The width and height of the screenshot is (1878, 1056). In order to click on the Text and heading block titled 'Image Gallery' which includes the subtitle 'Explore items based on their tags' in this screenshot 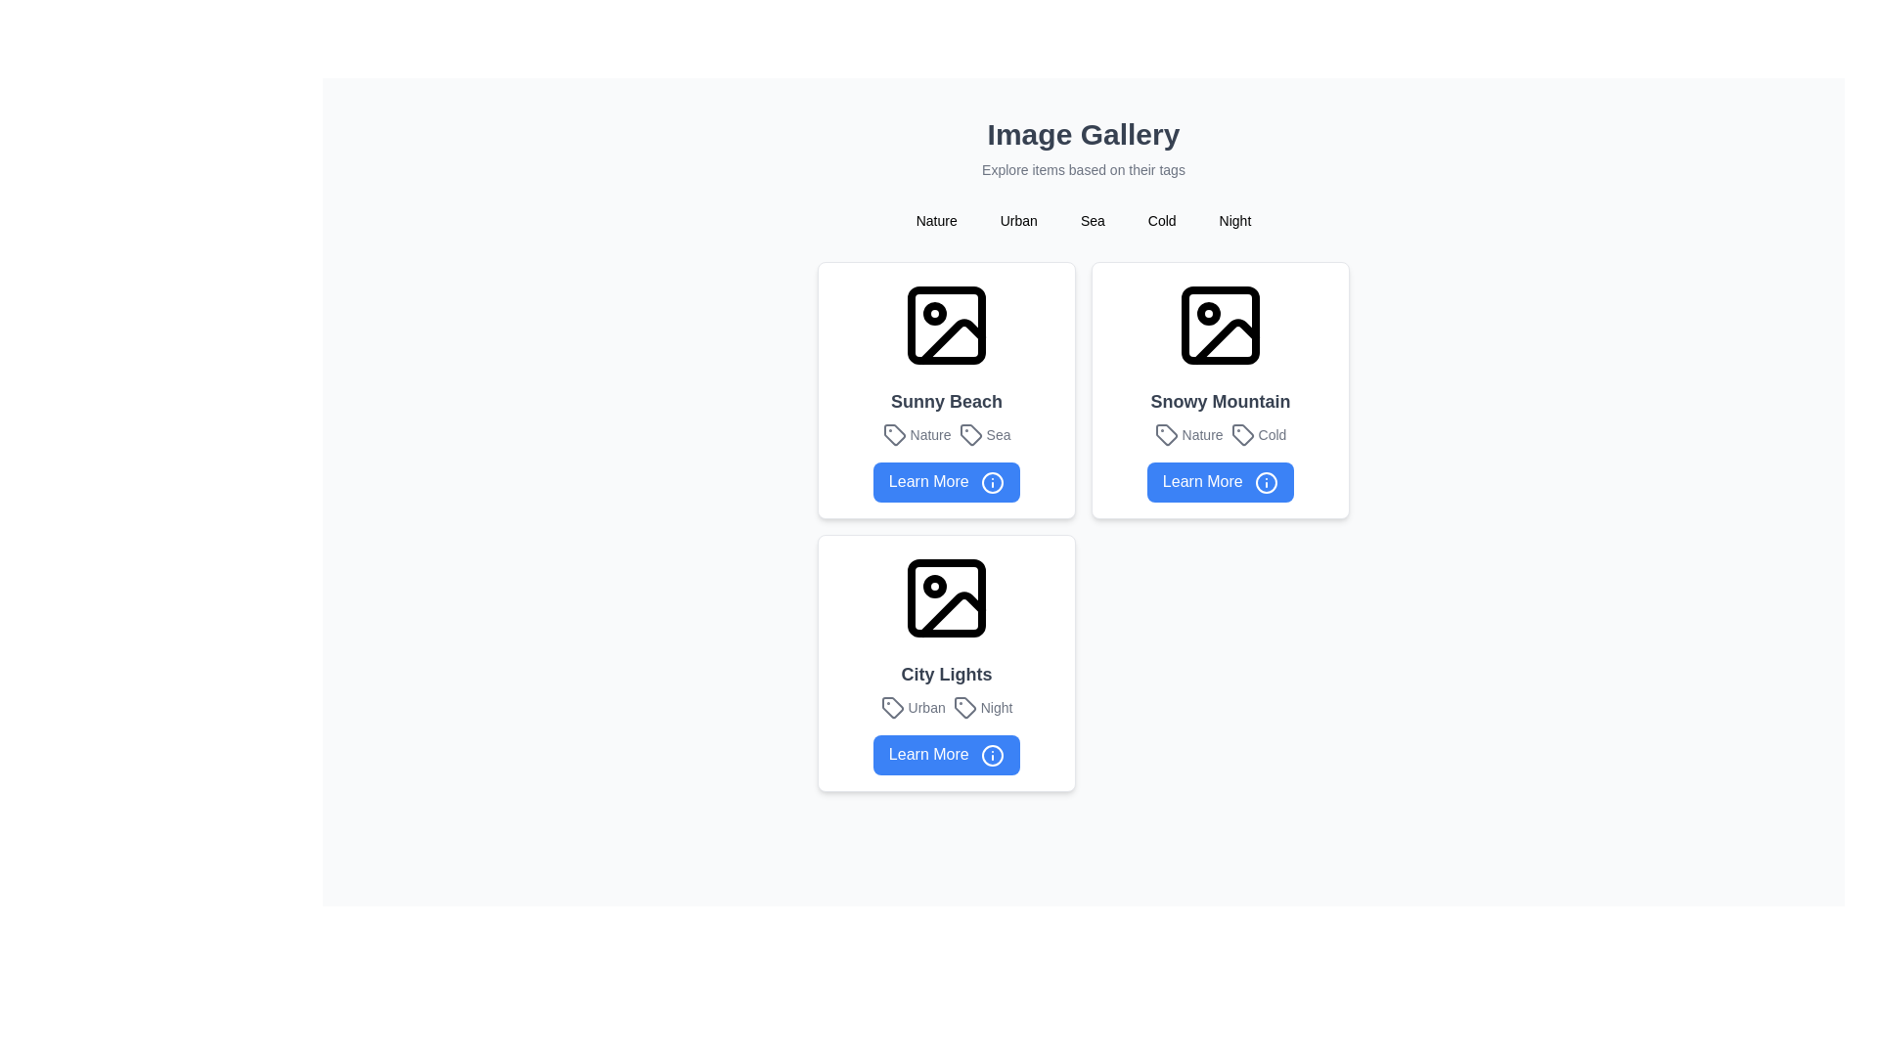, I will do `click(1083, 147)`.